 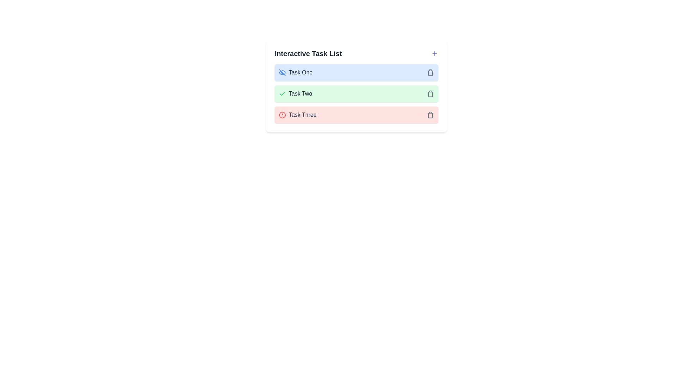 I want to click on the green checkmark icon indicating the completion status of 'Task Two', located at the top-left of the corresponding rectangle, so click(x=282, y=93).